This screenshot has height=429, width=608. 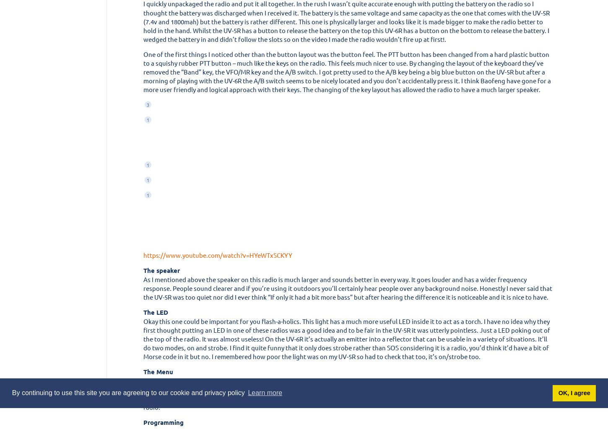 What do you see at coordinates (129, 393) in the screenshot?
I see `'By continuing to use this site you are agreeing to our cookie and privacy policy'` at bounding box center [129, 393].